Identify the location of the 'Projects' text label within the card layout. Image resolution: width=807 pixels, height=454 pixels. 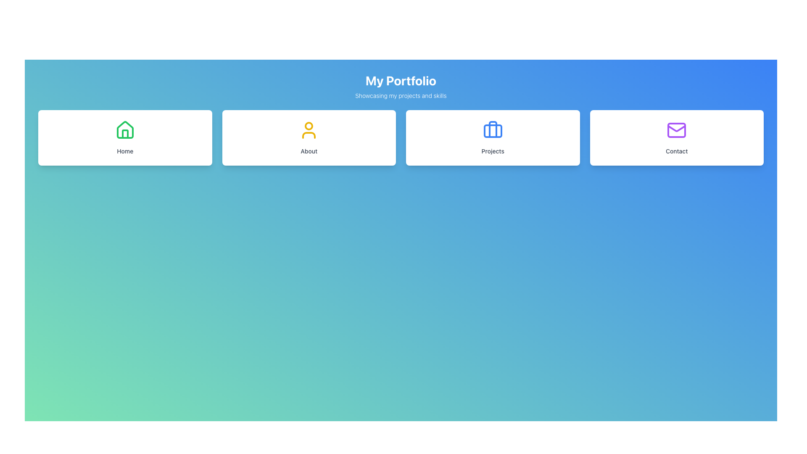
(493, 150).